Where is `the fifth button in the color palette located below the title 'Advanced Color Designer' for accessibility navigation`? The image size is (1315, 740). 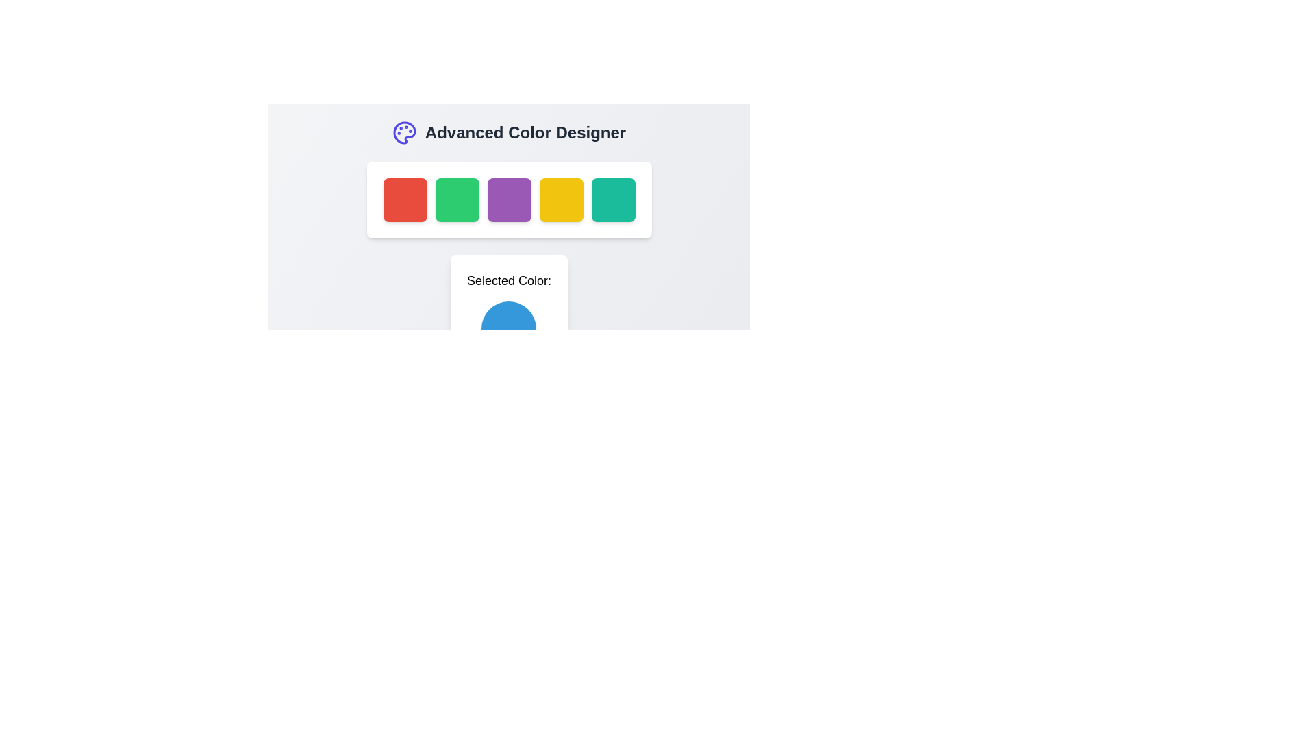
the fifth button in the color palette located below the title 'Advanced Color Designer' for accessibility navigation is located at coordinates (612, 200).